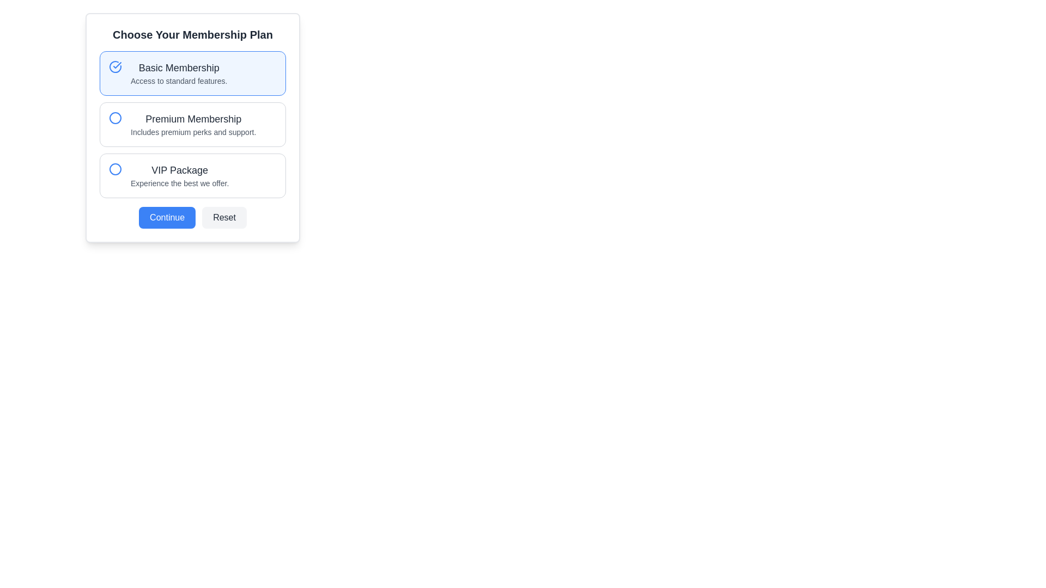  I want to click on the descriptive subtitle text located beneath the 'Premium Membership' header, so click(193, 132).